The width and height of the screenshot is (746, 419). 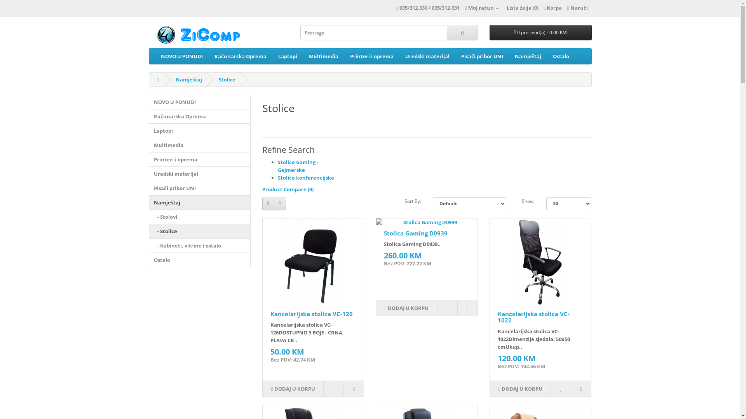 What do you see at coordinates (199, 130) in the screenshot?
I see `'Laptopi'` at bounding box center [199, 130].